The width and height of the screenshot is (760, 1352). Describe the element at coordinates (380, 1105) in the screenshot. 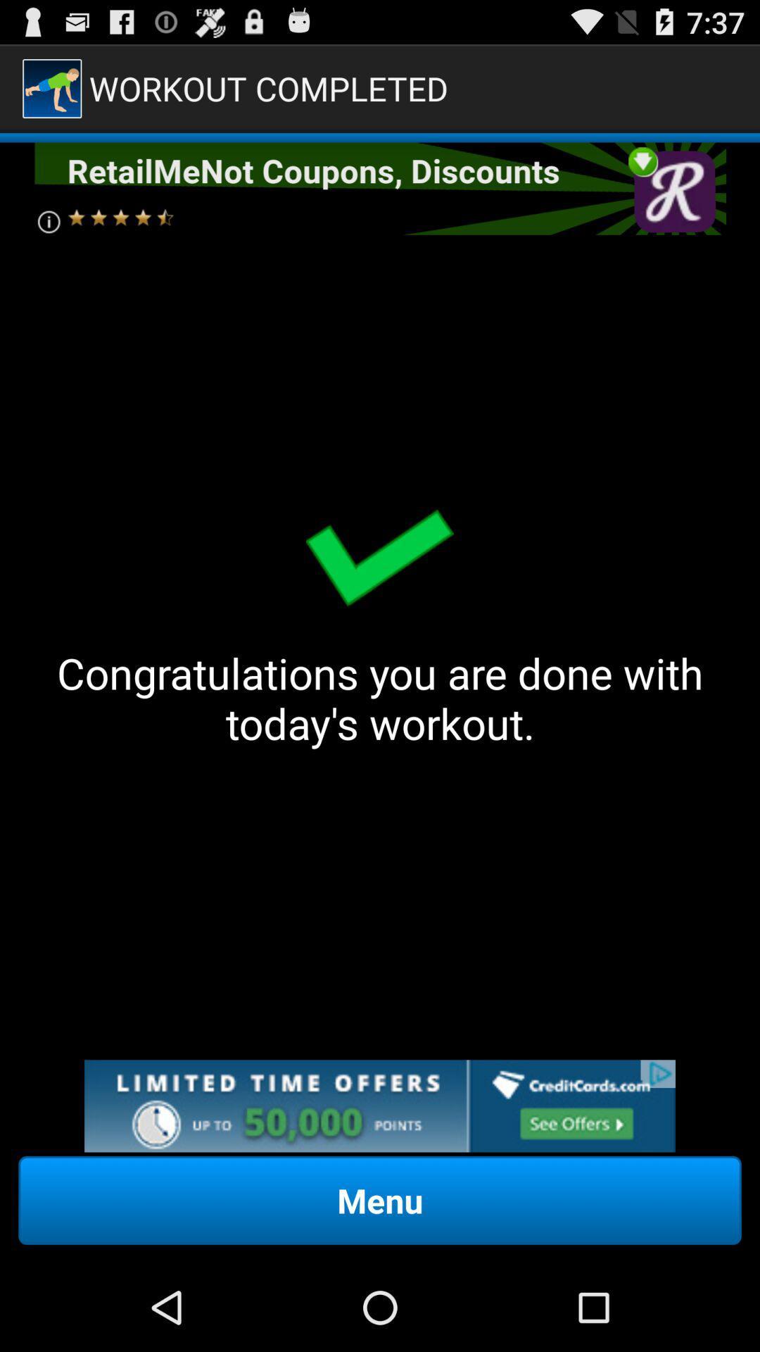

I see `the add` at that location.